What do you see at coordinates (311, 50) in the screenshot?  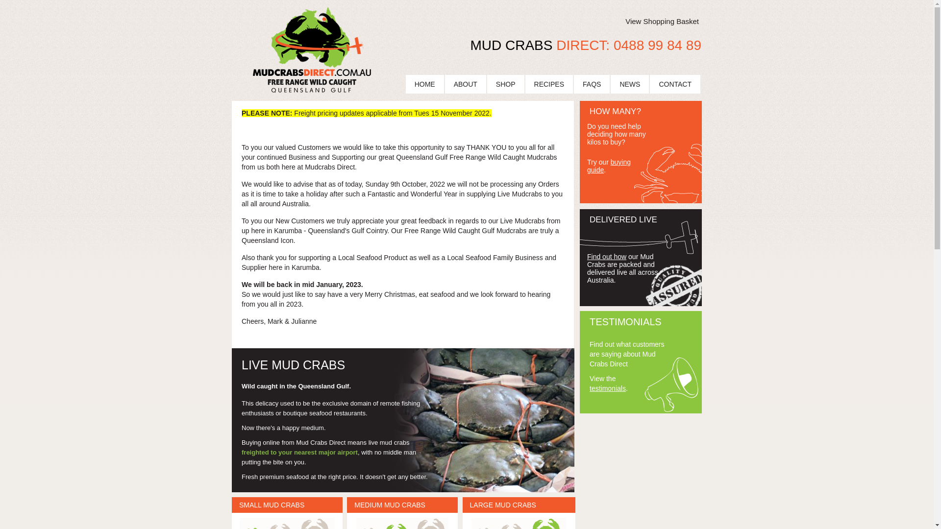 I see `'Mud Crabs Direct Logo'` at bounding box center [311, 50].